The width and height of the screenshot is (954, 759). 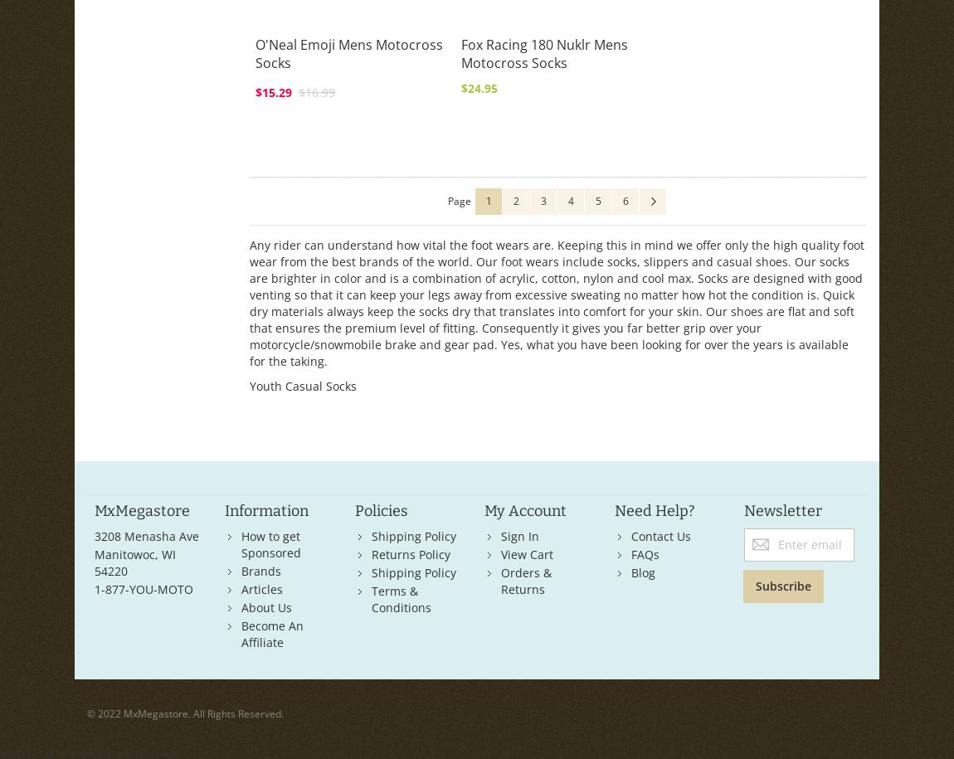 What do you see at coordinates (555, 302) in the screenshot?
I see `'Any rider can understand how vital the foot wears are. Keeping this in mind we offer only the high quality foot wear from the best brands of the world. Our foot wears include socks, slippers and casual shoes. Our socks are brighter in color and is a combination of acrylic, cotton, nylon and cool max. Socks are designed with good venting so that it can keep your legs away from excessive sweating no matter how hot the condition is. Quick dry materials always keep the socks dry that translates into comfort for your skin. Our shoes are flat and soft that ensures the premium level of fitting. Consequently it gives you far better grip over your motorcycle/snowmobile brake and gear pad. Yes, what you have been looking for over the years is available for the taking.'` at bounding box center [555, 302].